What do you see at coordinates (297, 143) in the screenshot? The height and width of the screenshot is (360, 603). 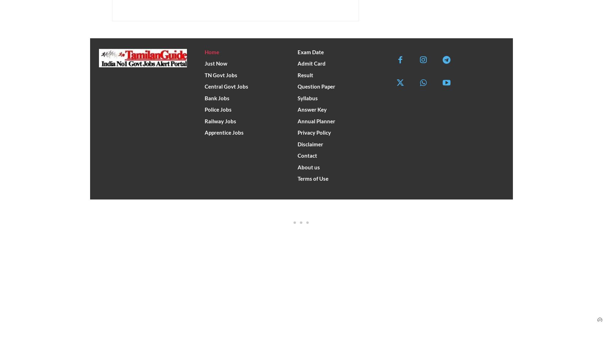 I see `'Disclaimer'` at bounding box center [297, 143].